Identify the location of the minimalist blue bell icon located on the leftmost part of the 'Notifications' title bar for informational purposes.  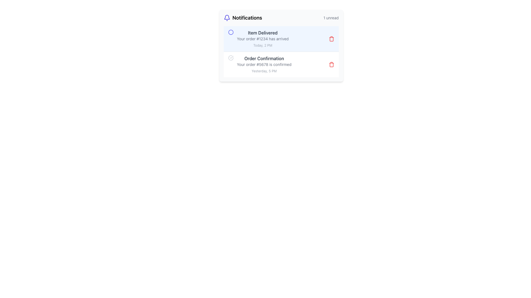
(227, 18).